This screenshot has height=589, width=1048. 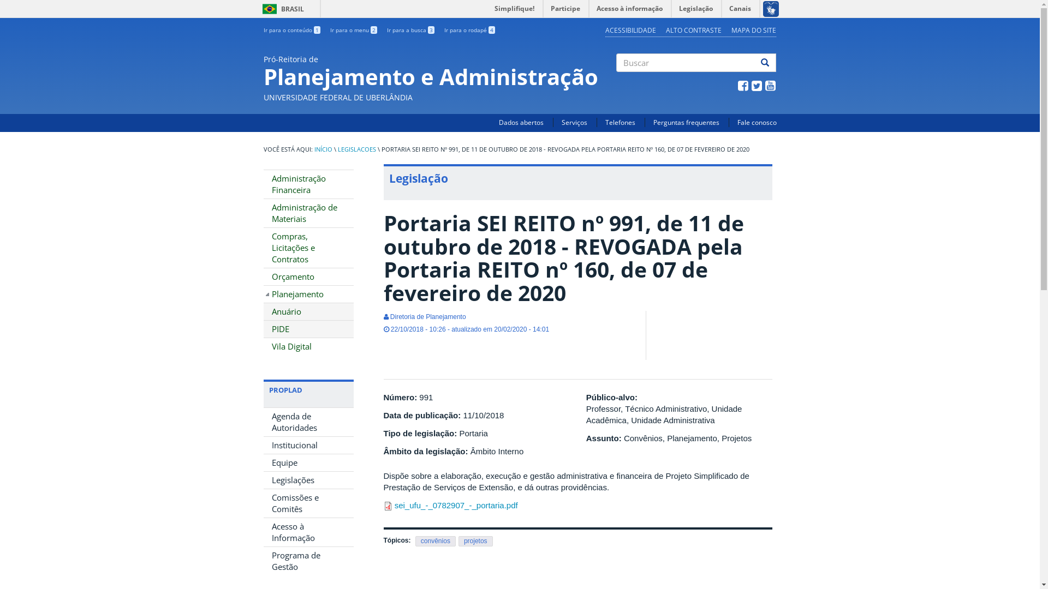 I want to click on 'Perguntas frequentes', so click(x=685, y=122).